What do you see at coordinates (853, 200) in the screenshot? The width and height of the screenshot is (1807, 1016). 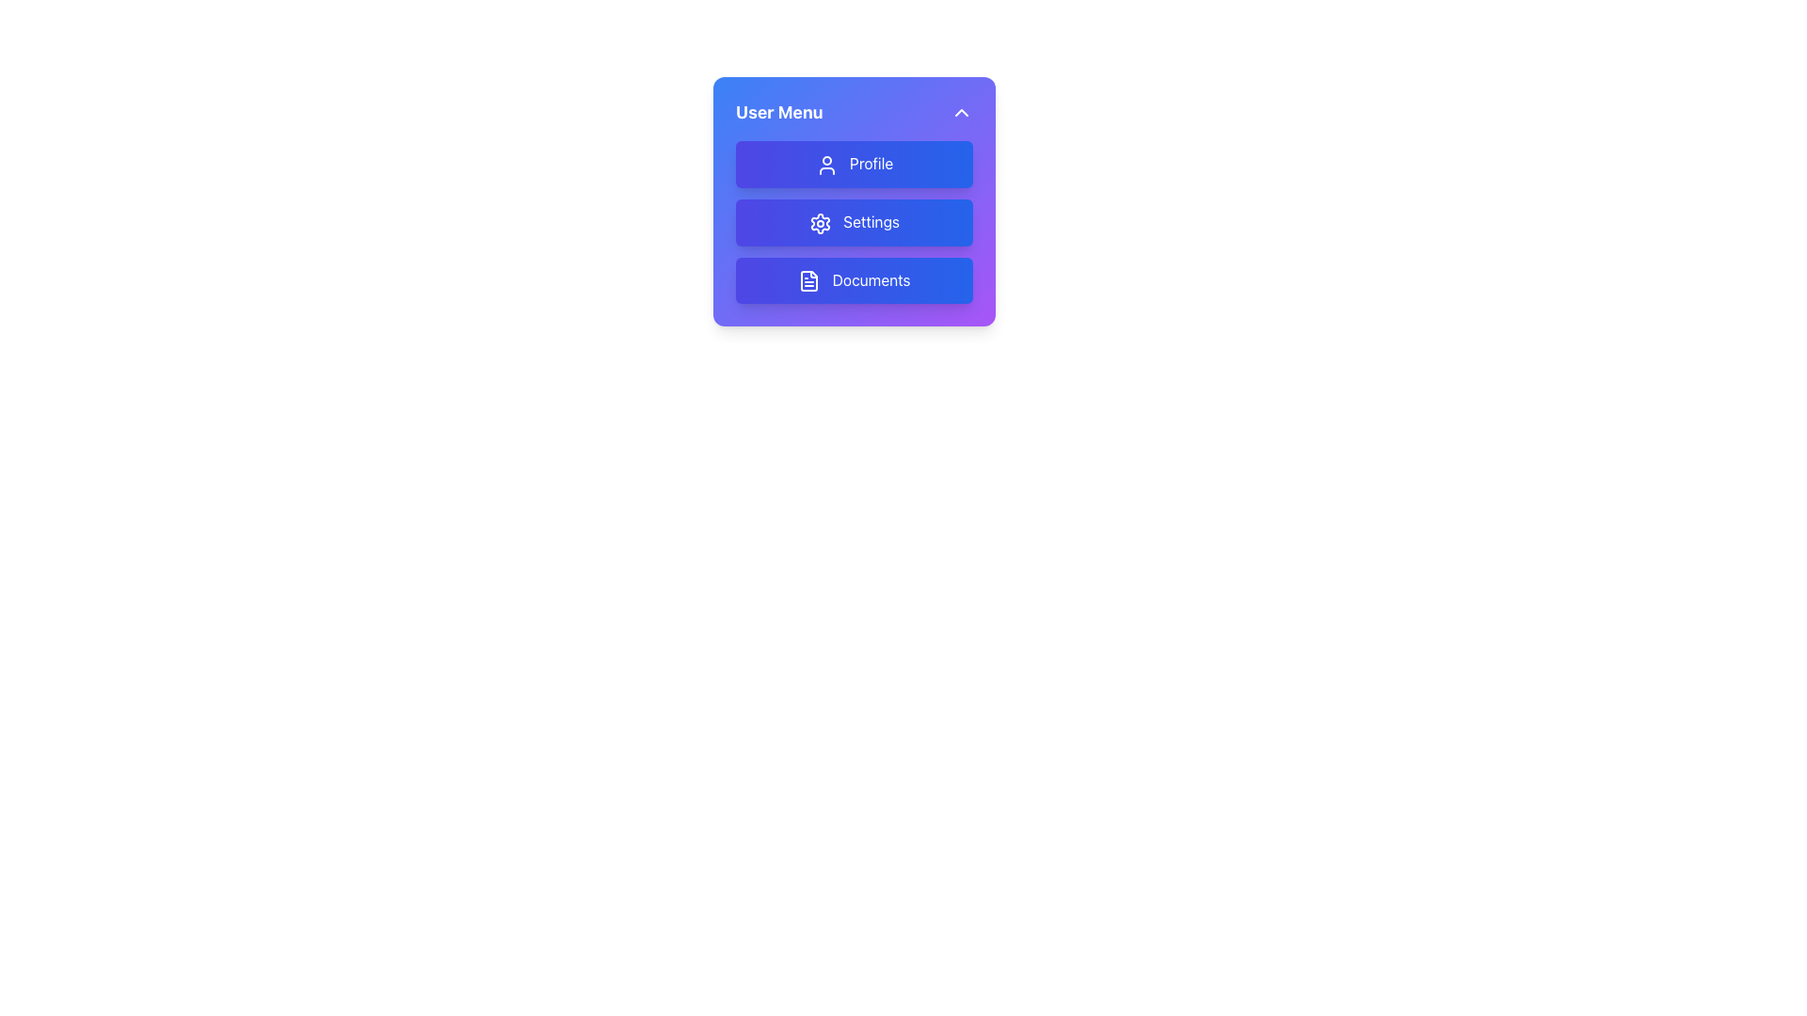 I see `the settings button located under the 'User Menu' header` at bounding box center [853, 200].